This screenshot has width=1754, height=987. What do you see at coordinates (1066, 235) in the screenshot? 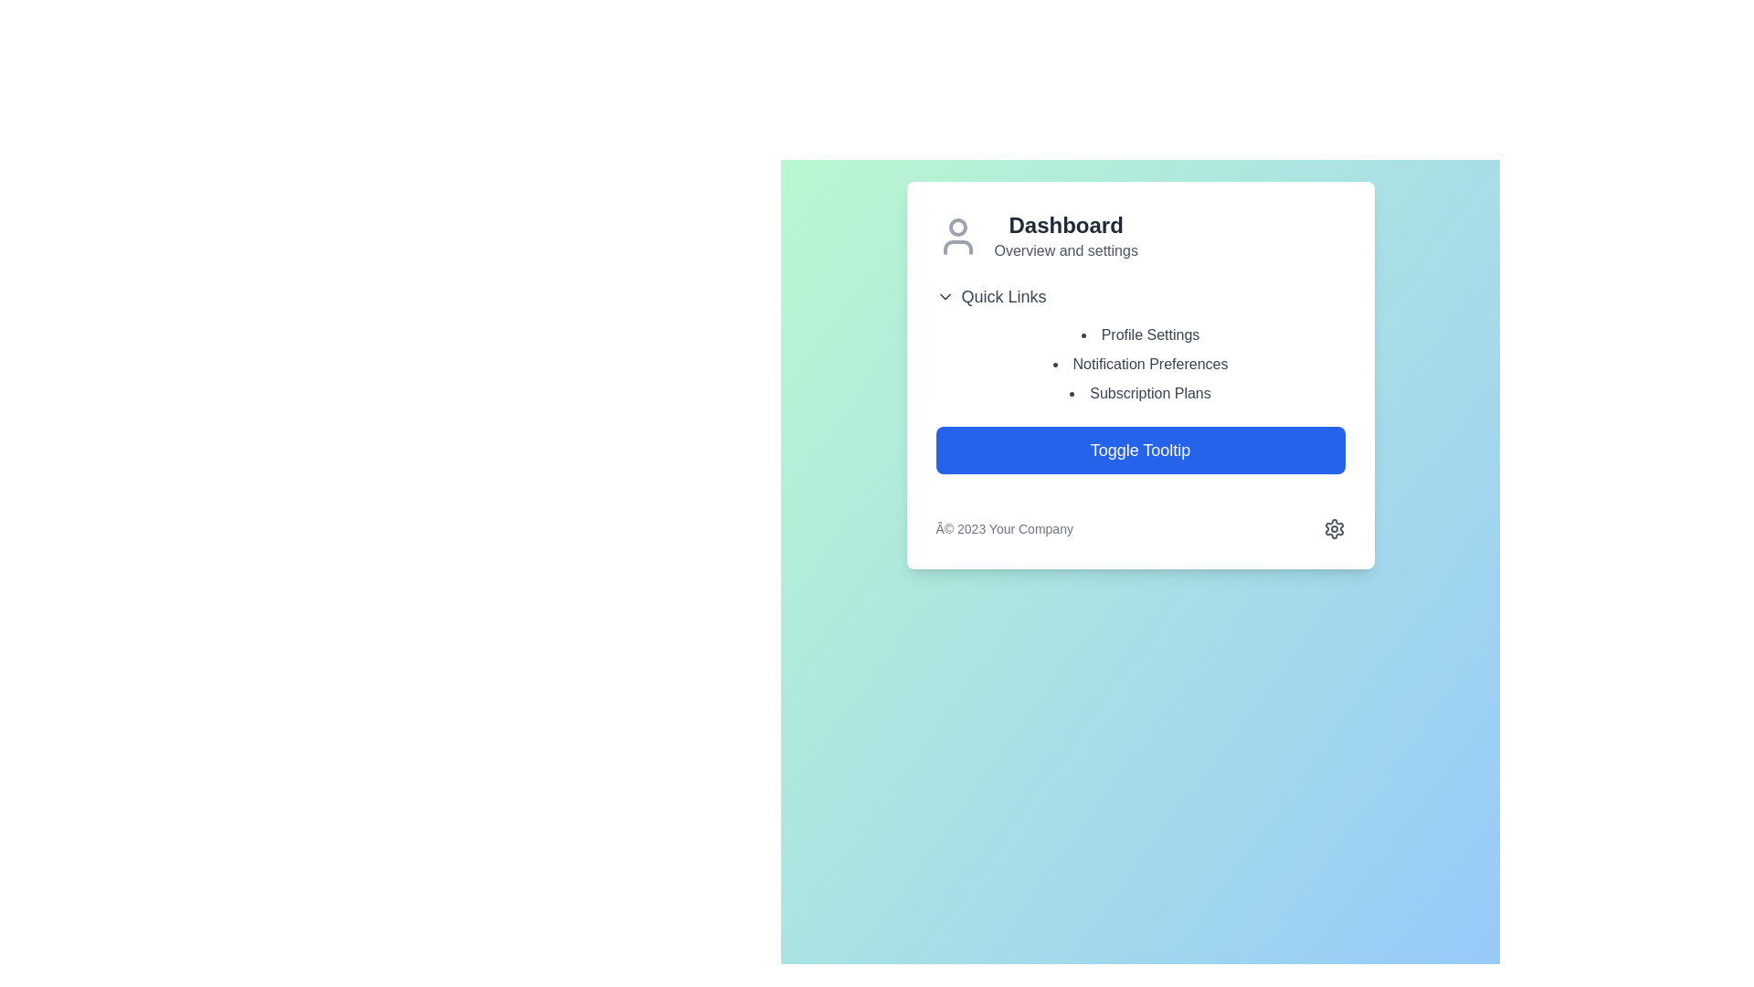
I see `the Text label located in the upper central portion of the popup card, which serves as a title and description for the content area` at bounding box center [1066, 235].